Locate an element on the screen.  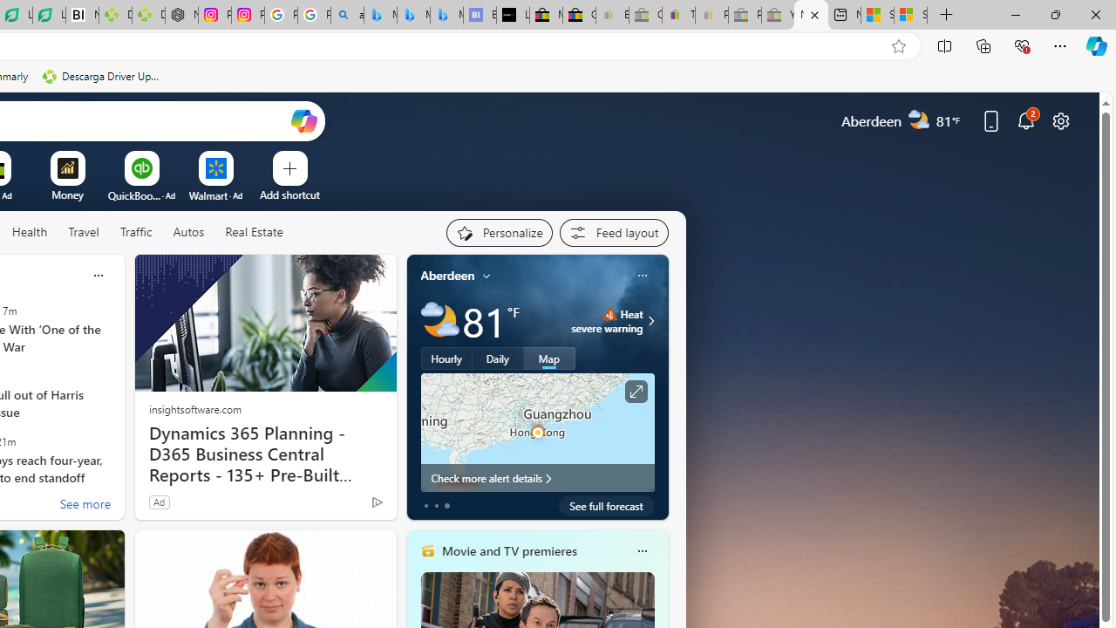
'Threats and offensive language policy | eBay' is located at coordinates (677, 15).